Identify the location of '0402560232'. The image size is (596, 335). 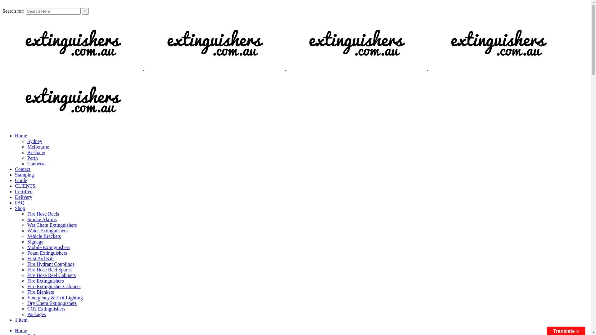
(98, 5).